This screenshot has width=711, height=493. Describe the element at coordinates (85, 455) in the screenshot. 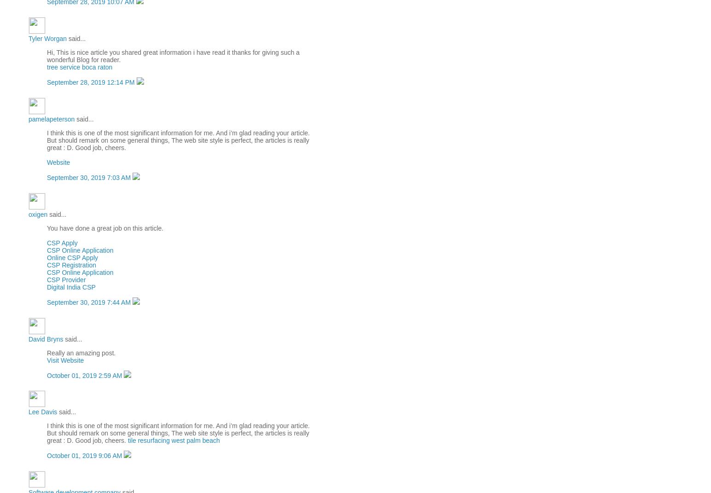

I see `'October 01, 2019 9:06 AM'` at that location.